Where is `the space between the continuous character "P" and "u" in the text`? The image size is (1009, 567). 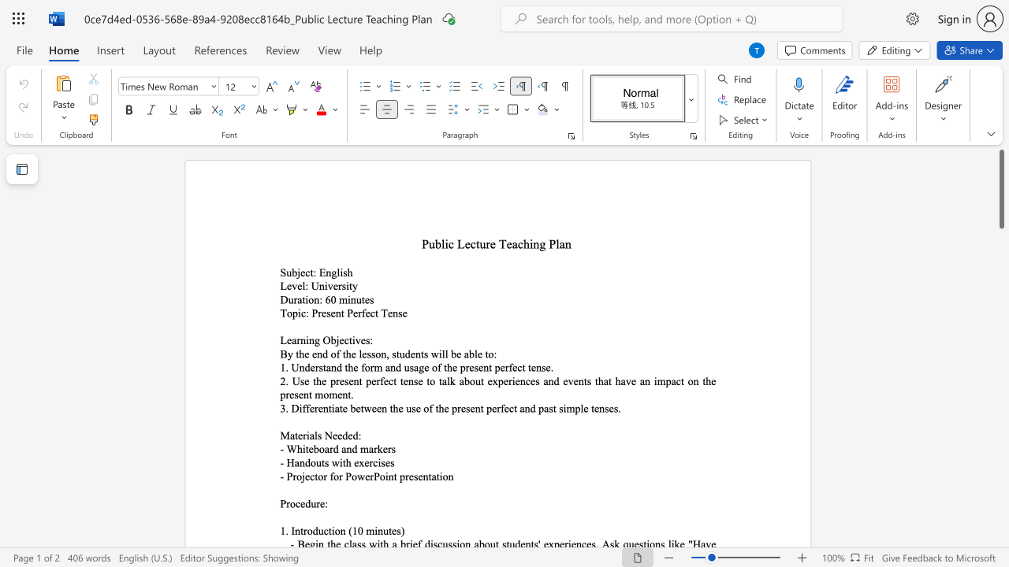 the space between the continuous character "P" and "u" in the text is located at coordinates (428, 244).